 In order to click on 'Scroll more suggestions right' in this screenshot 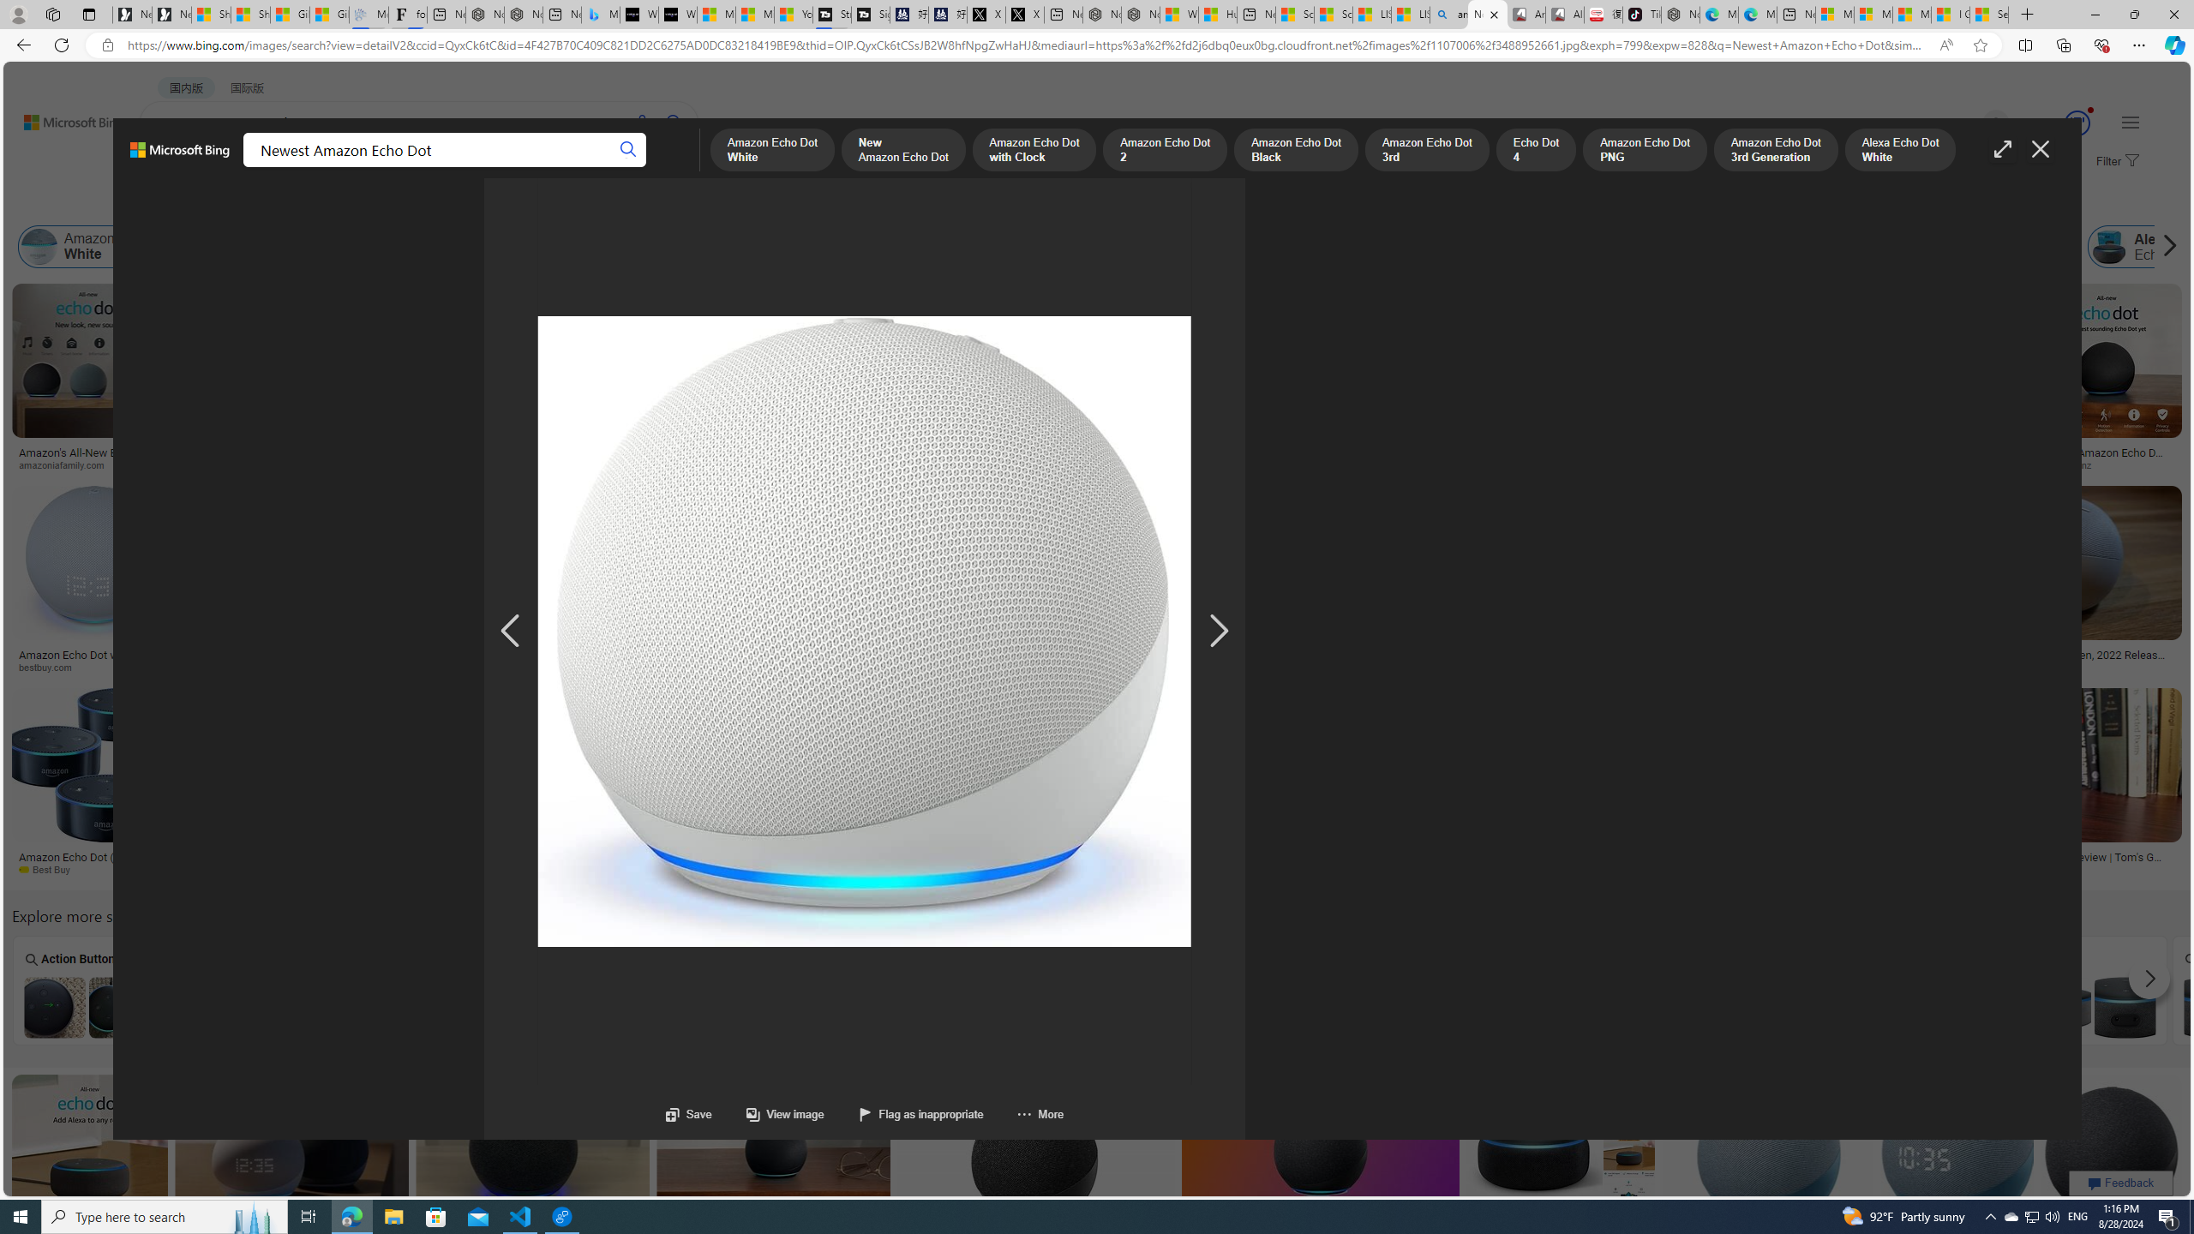, I will do `click(2149, 978)`.